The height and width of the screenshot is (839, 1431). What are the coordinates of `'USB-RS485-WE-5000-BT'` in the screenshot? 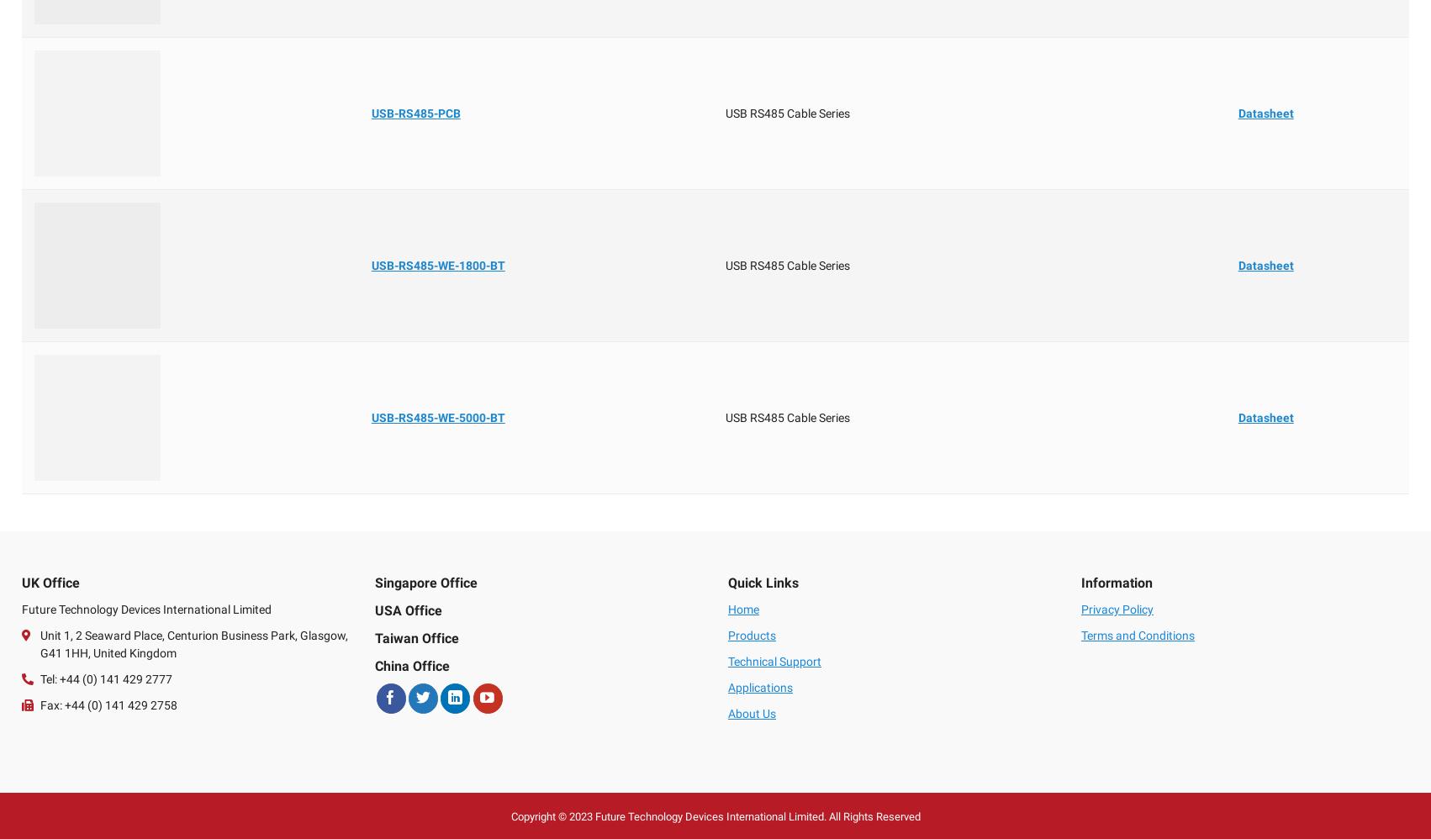 It's located at (436, 417).